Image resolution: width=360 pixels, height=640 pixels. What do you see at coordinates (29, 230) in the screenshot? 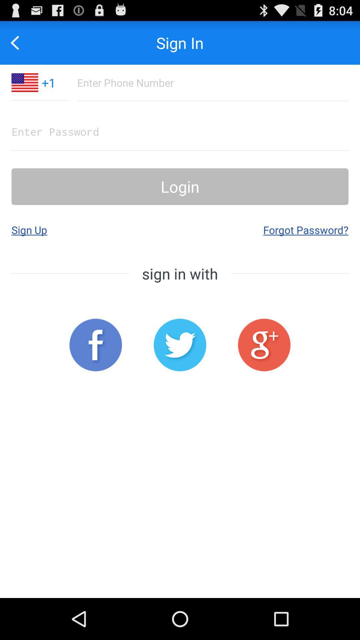
I see `app to the left of forgot password?` at bounding box center [29, 230].